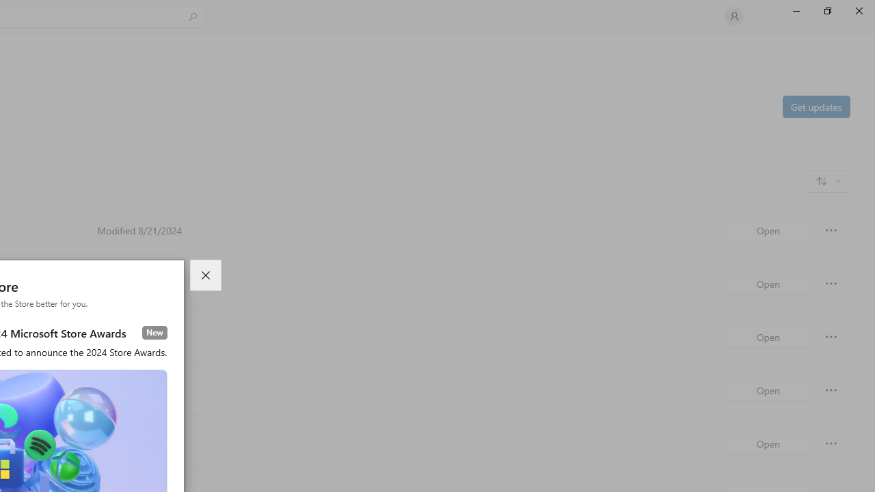 This screenshot has height=492, width=875. Describe the element at coordinates (796, 10) in the screenshot. I see `'Minimize Microsoft Store'` at that location.